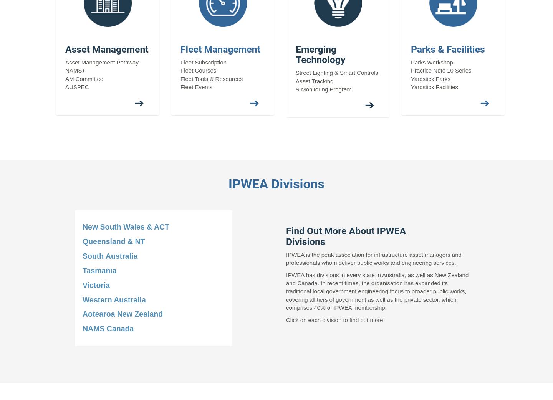 The height and width of the screenshot is (400, 553). I want to click on 'Yardstick Parks', so click(430, 78).